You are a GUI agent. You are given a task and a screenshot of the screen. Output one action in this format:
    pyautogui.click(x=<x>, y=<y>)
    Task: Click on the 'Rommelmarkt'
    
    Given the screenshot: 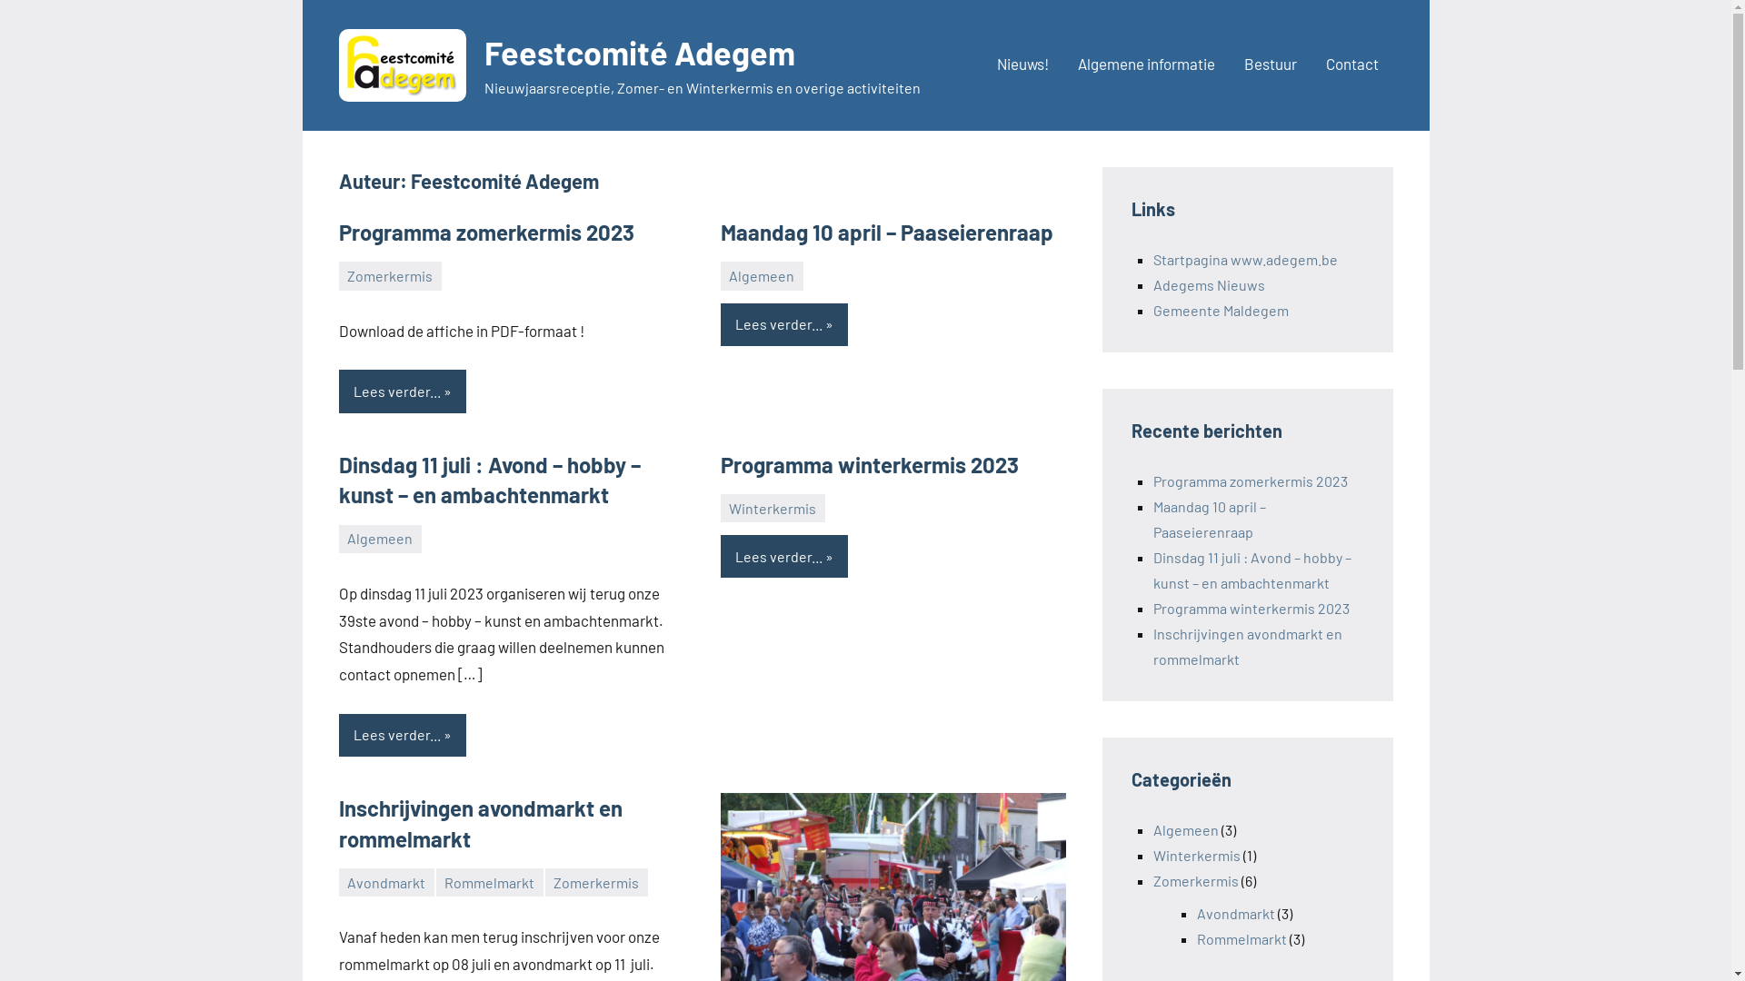 What is the action you would take?
    pyautogui.click(x=1240, y=938)
    